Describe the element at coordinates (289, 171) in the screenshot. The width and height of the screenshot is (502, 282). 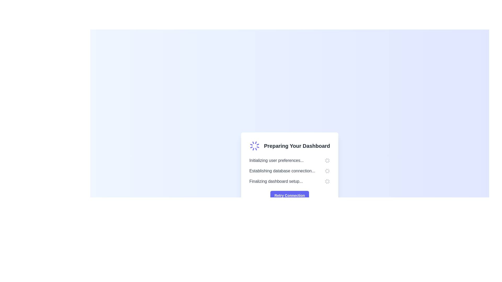
I see `the loading status of the Status Indicator with Text and Spinner that shows the ongoing process of establishing a database connection, located in the center of the card, between 'Initializing user preferences...' and 'Finalizing dashboard setup...'` at that location.